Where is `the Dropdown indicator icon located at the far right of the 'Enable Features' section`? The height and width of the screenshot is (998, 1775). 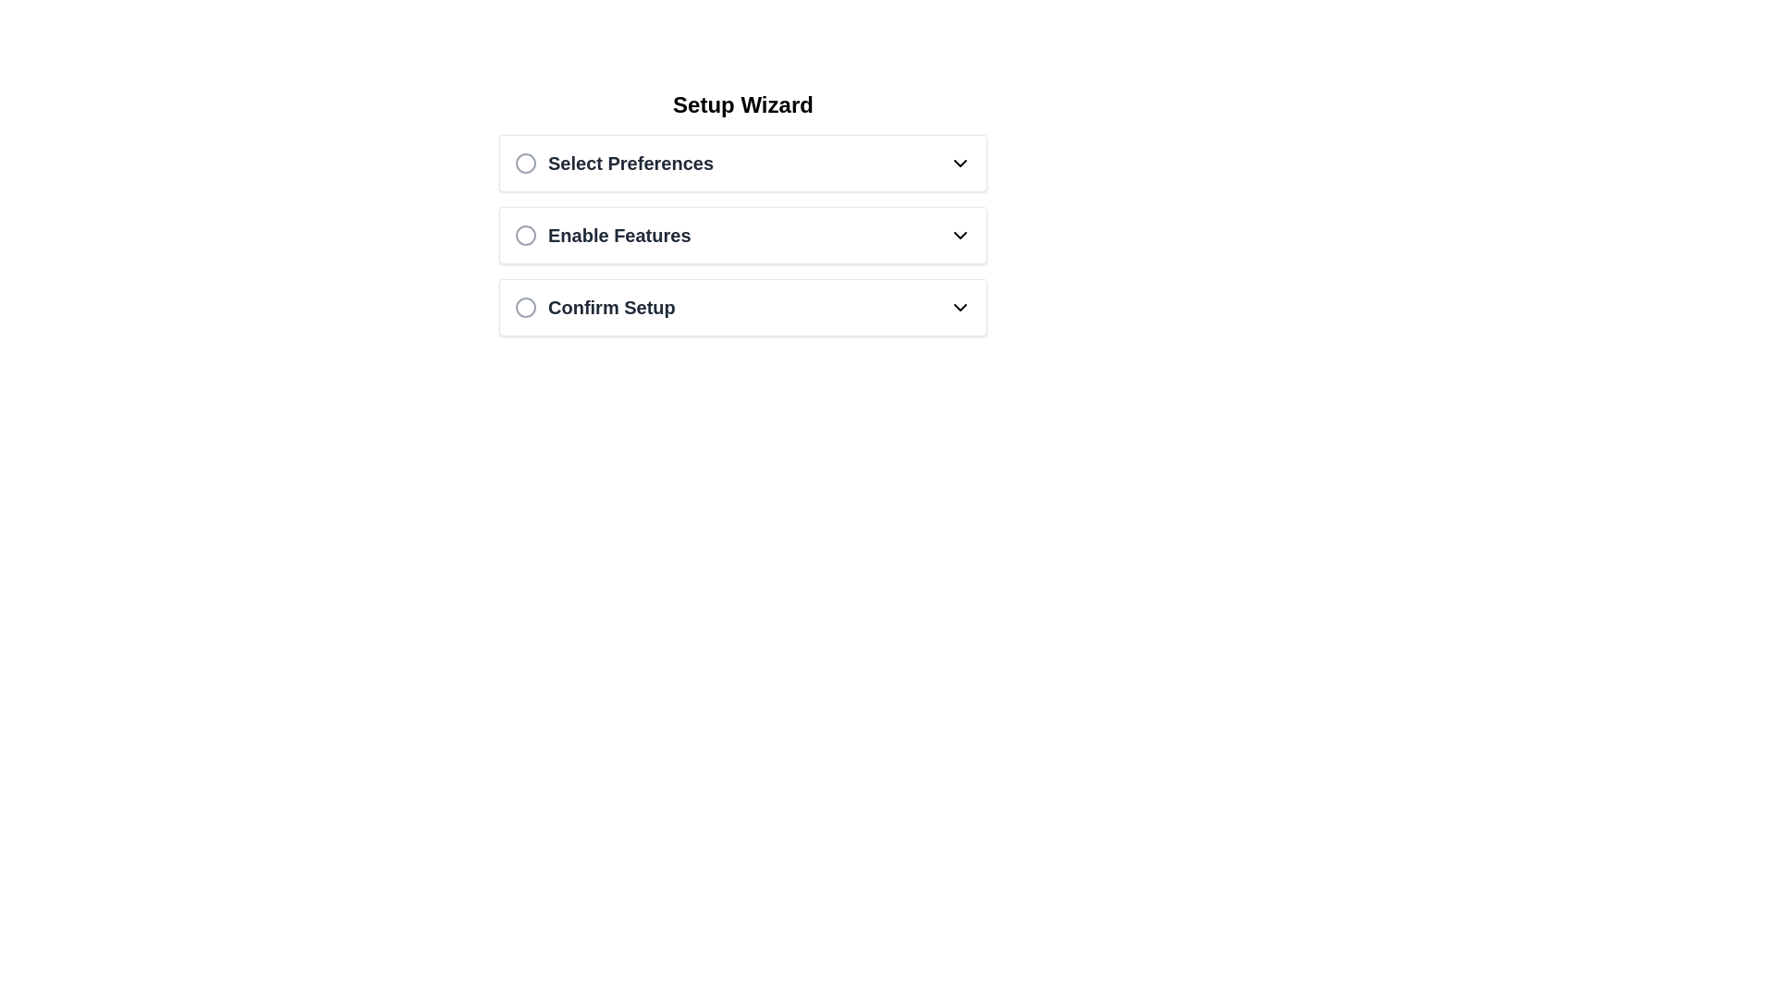 the Dropdown indicator icon located at the far right of the 'Enable Features' section is located at coordinates (960, 234).